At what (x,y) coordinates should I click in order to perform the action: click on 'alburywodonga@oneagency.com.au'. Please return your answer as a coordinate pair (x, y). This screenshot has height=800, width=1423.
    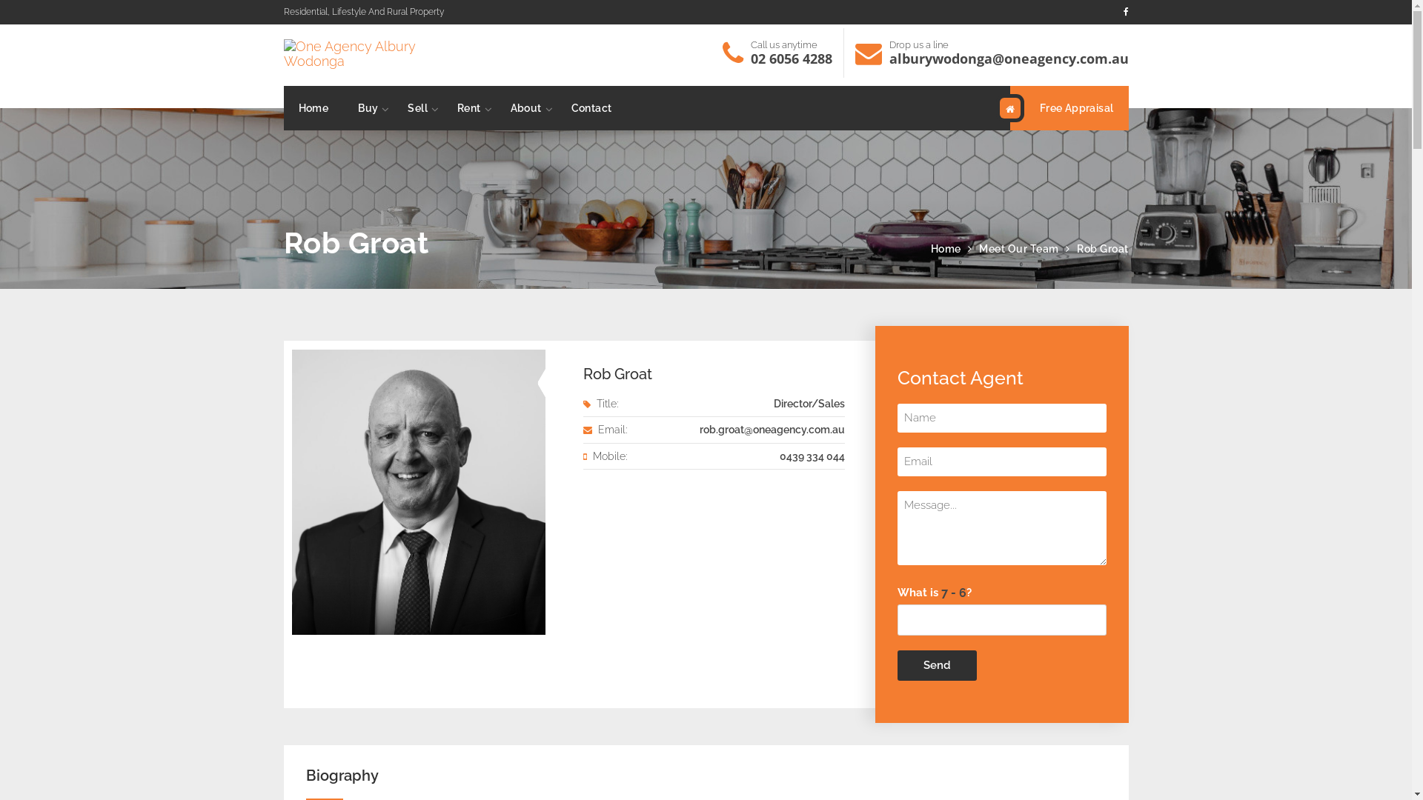
    Looking at the image, I should click on (1008, 57).